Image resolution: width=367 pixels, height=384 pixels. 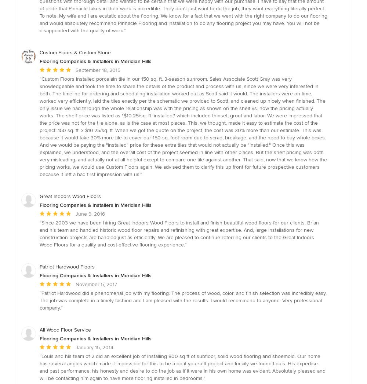 What do you see at coordinates (90, 213) in the screenshot?
I see `'June 9, 2016'` at bounding box center [90, 213].